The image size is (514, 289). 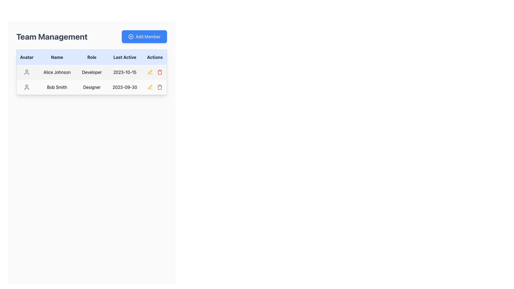 What do you see at coordinates (150, 72) in the screenshot?
I see `the small yellow pen-shaped icon button located in the second row of the 'Actions' column` at bounding box center [150, 72].